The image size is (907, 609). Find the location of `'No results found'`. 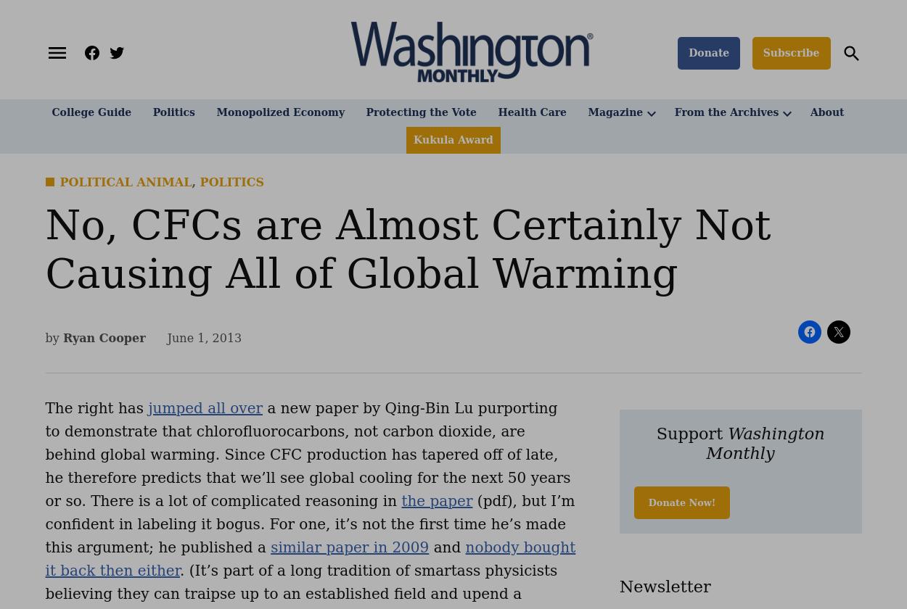

'No results found' is located at coordinates (149, 97).